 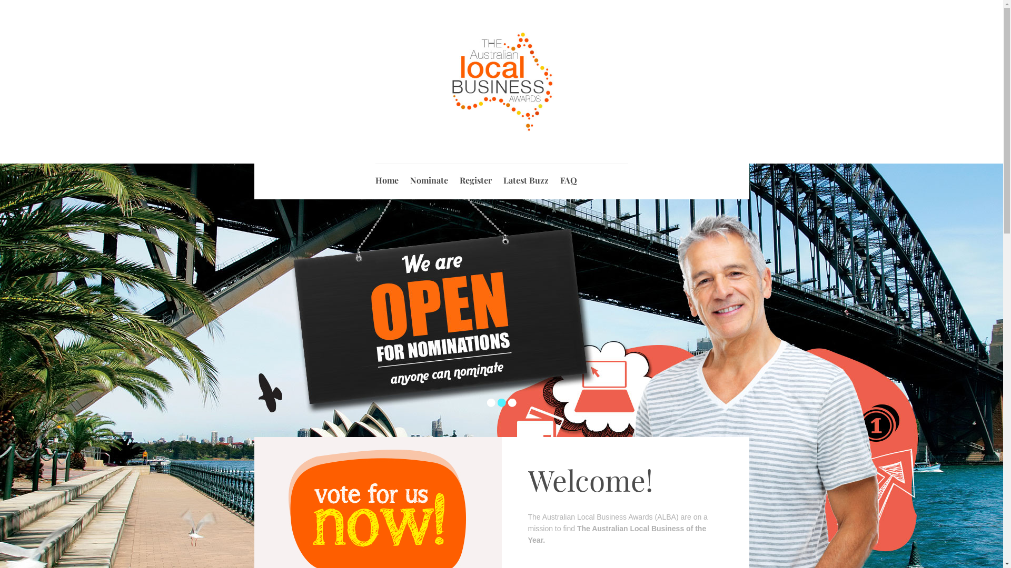 I want to click on 'Home', so click(x=386, y=176).